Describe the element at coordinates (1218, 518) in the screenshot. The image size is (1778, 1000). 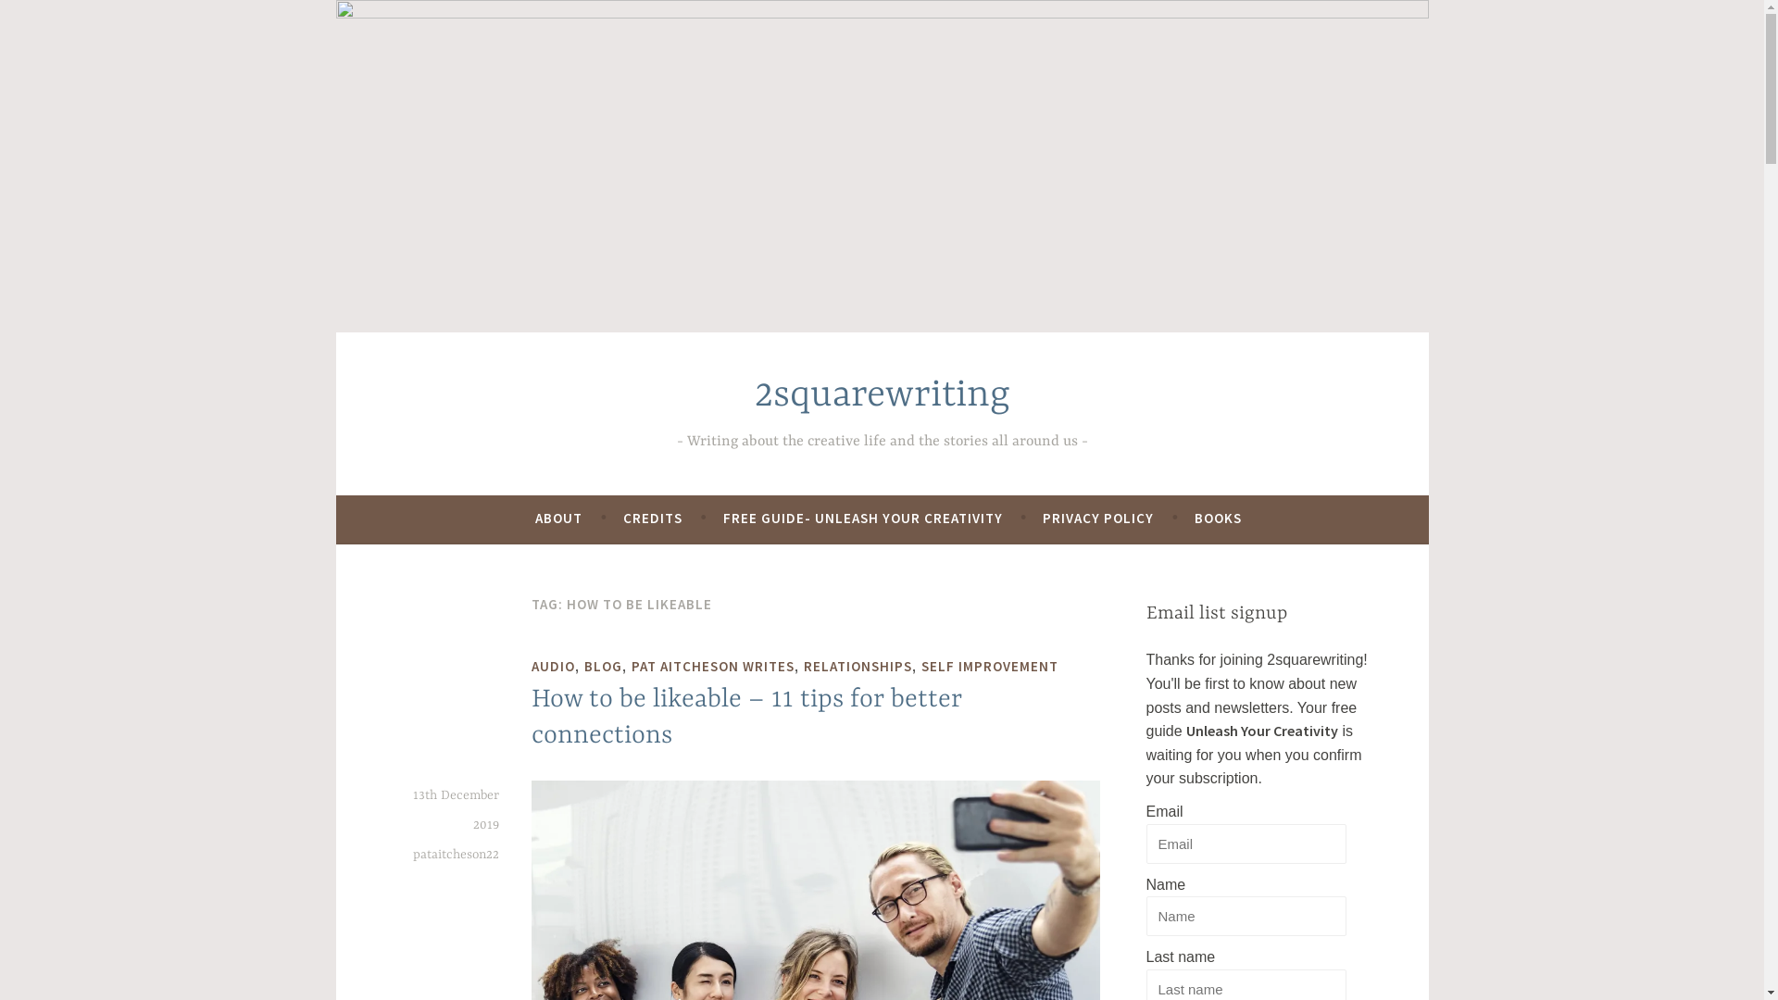
I see `'BOOKS'` at that location.